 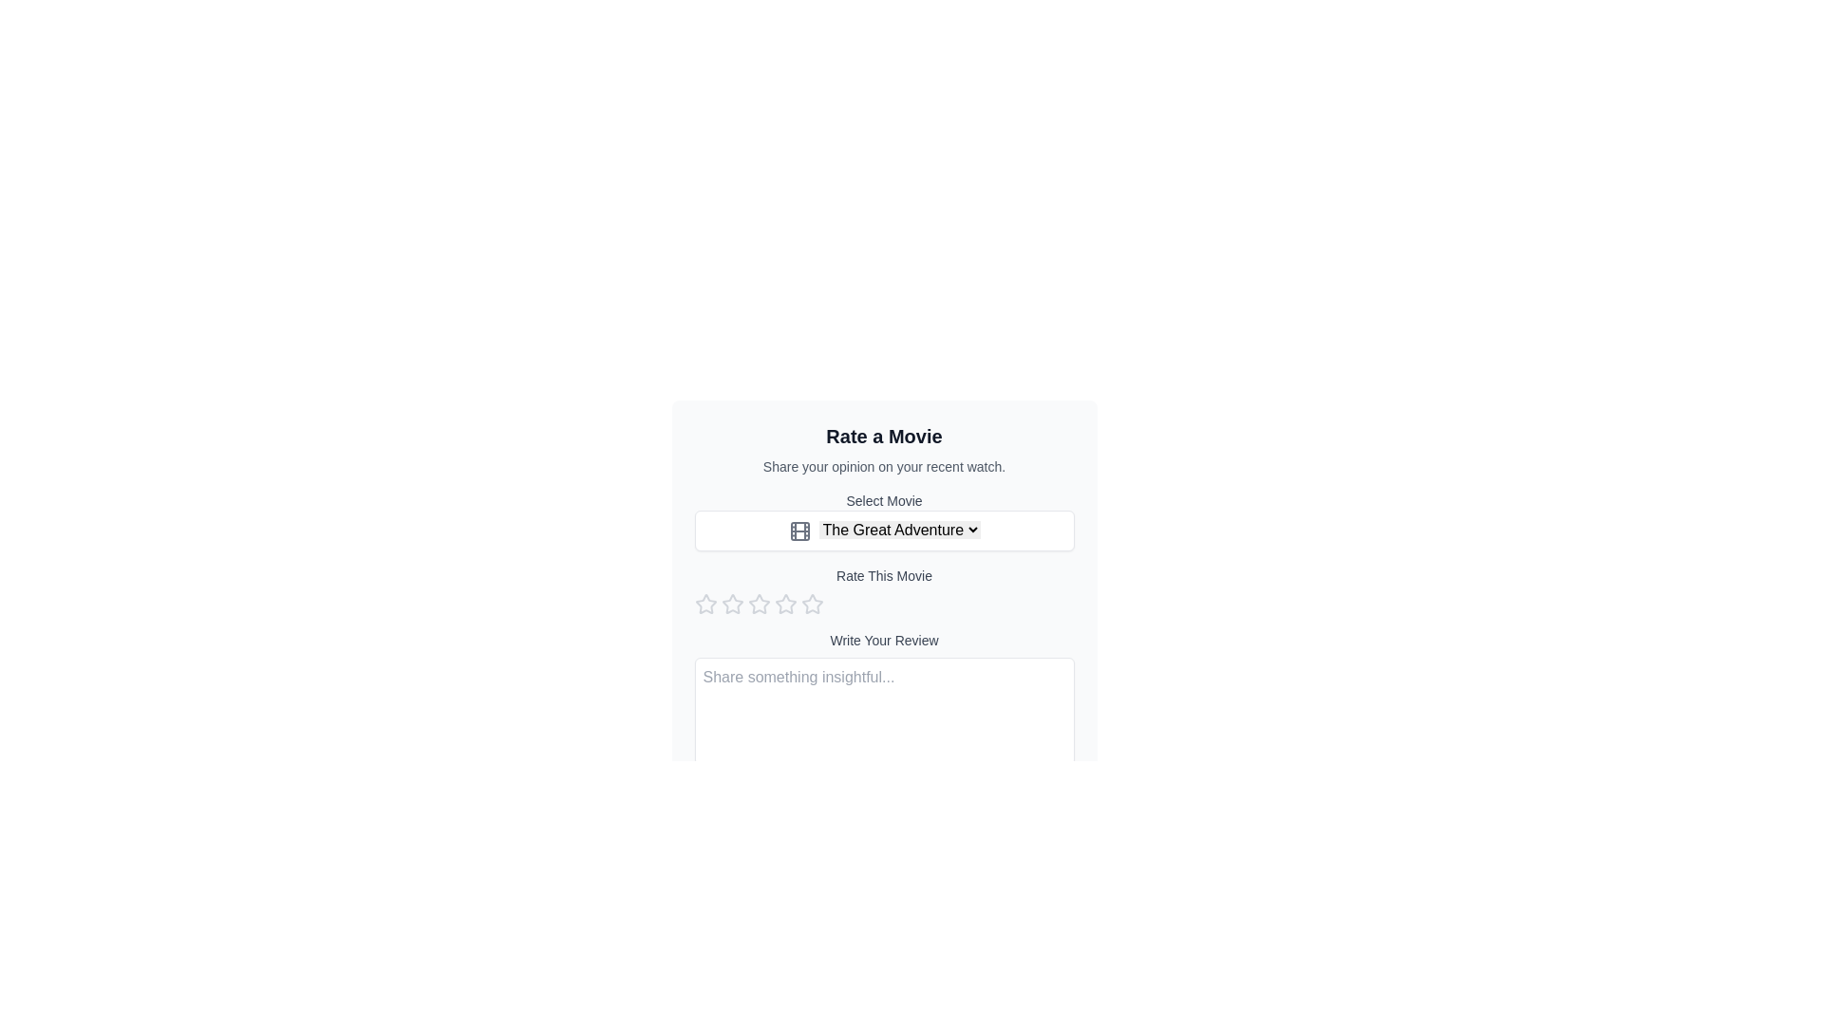 What do you see at coordinates (705, 604) in the screenshot?
I see `the first Clickable star icon in the rating system for keyboard interaction` at bounding box center [705, 604].